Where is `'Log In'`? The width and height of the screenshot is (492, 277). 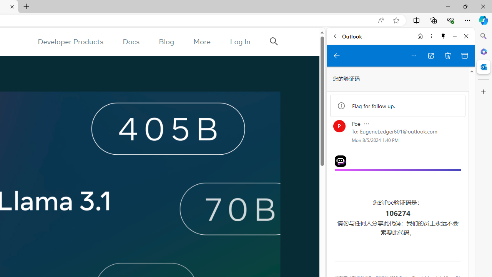 'Log In' is located at coordinates (240, 42).